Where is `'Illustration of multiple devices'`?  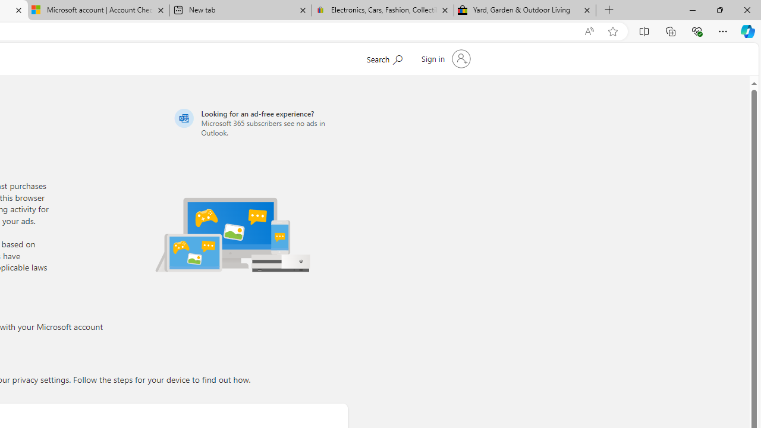 'Illustration of multiple devices' is located at coordinates (232, 234).